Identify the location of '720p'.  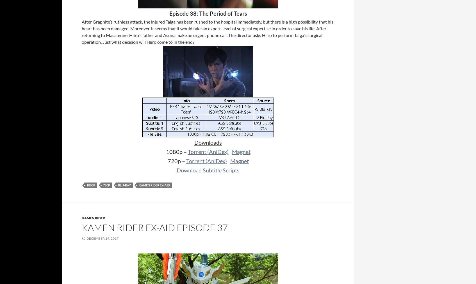
(106, 185).